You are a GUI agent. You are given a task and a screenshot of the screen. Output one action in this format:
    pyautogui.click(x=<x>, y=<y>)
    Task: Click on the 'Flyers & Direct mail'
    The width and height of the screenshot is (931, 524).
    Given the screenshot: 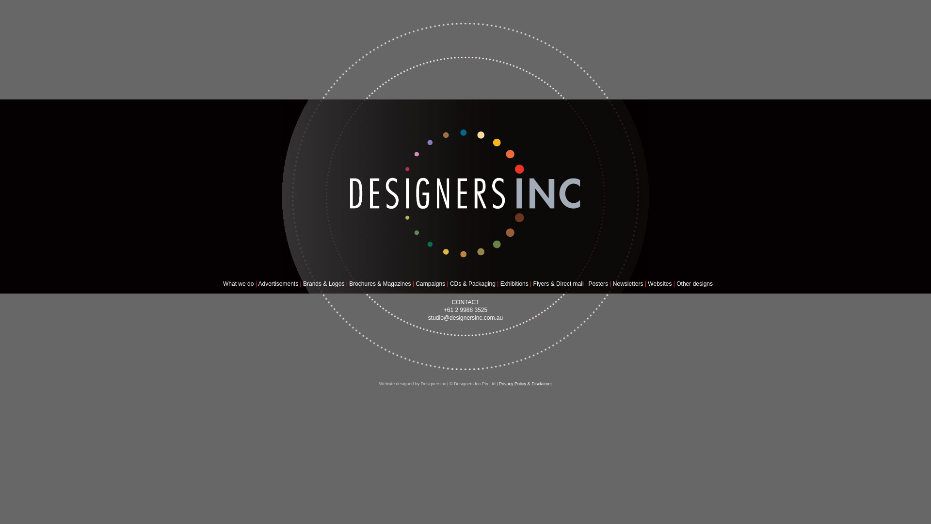 What is the action you would take?
    pyautogui.click(x=559, y=284)
    